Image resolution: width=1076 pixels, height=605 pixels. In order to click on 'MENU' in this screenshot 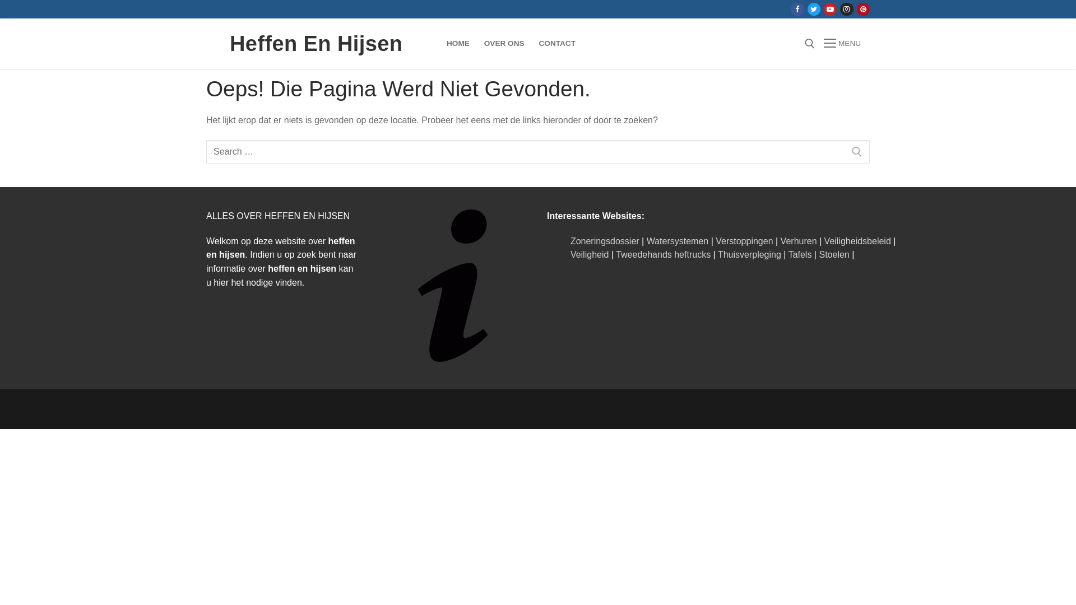, I will do `click(842, 43)`.